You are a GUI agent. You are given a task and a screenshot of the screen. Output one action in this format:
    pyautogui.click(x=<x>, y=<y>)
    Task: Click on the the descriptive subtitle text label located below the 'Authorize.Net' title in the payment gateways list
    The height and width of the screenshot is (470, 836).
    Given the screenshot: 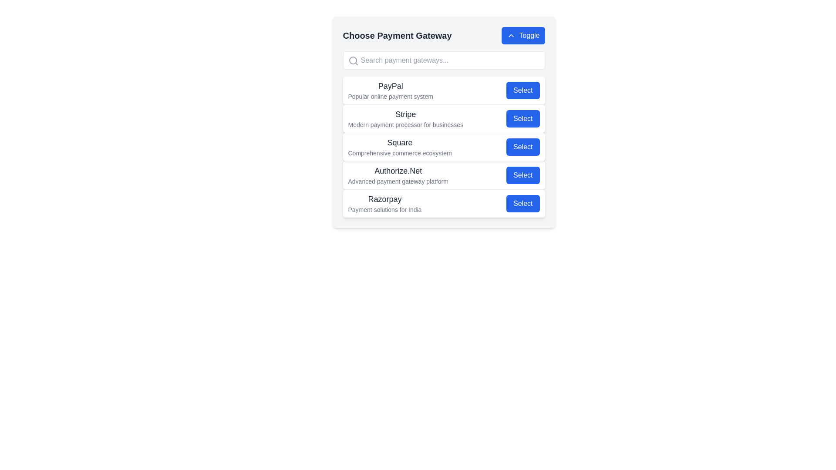 What is the action you would take?
    pyautogui.click(x=398, y=181)
    